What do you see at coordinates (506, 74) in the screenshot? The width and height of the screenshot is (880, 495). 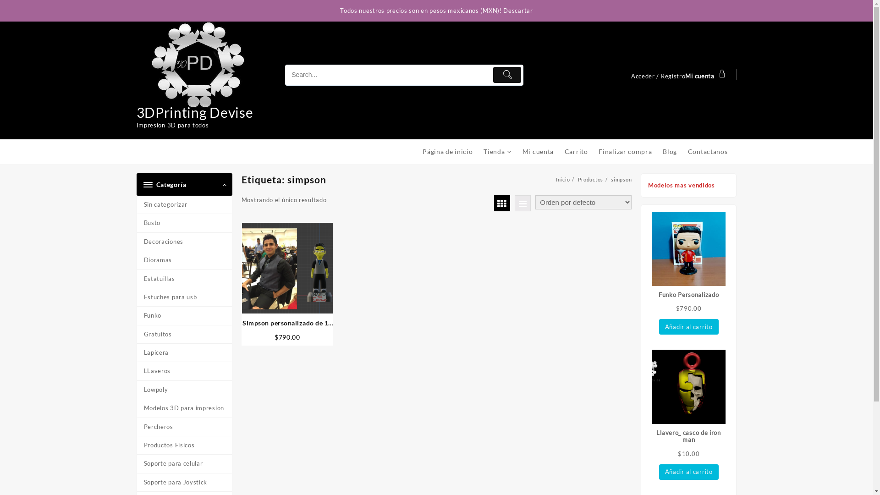 I see `'Submit'` at bounding box center [506, 74].